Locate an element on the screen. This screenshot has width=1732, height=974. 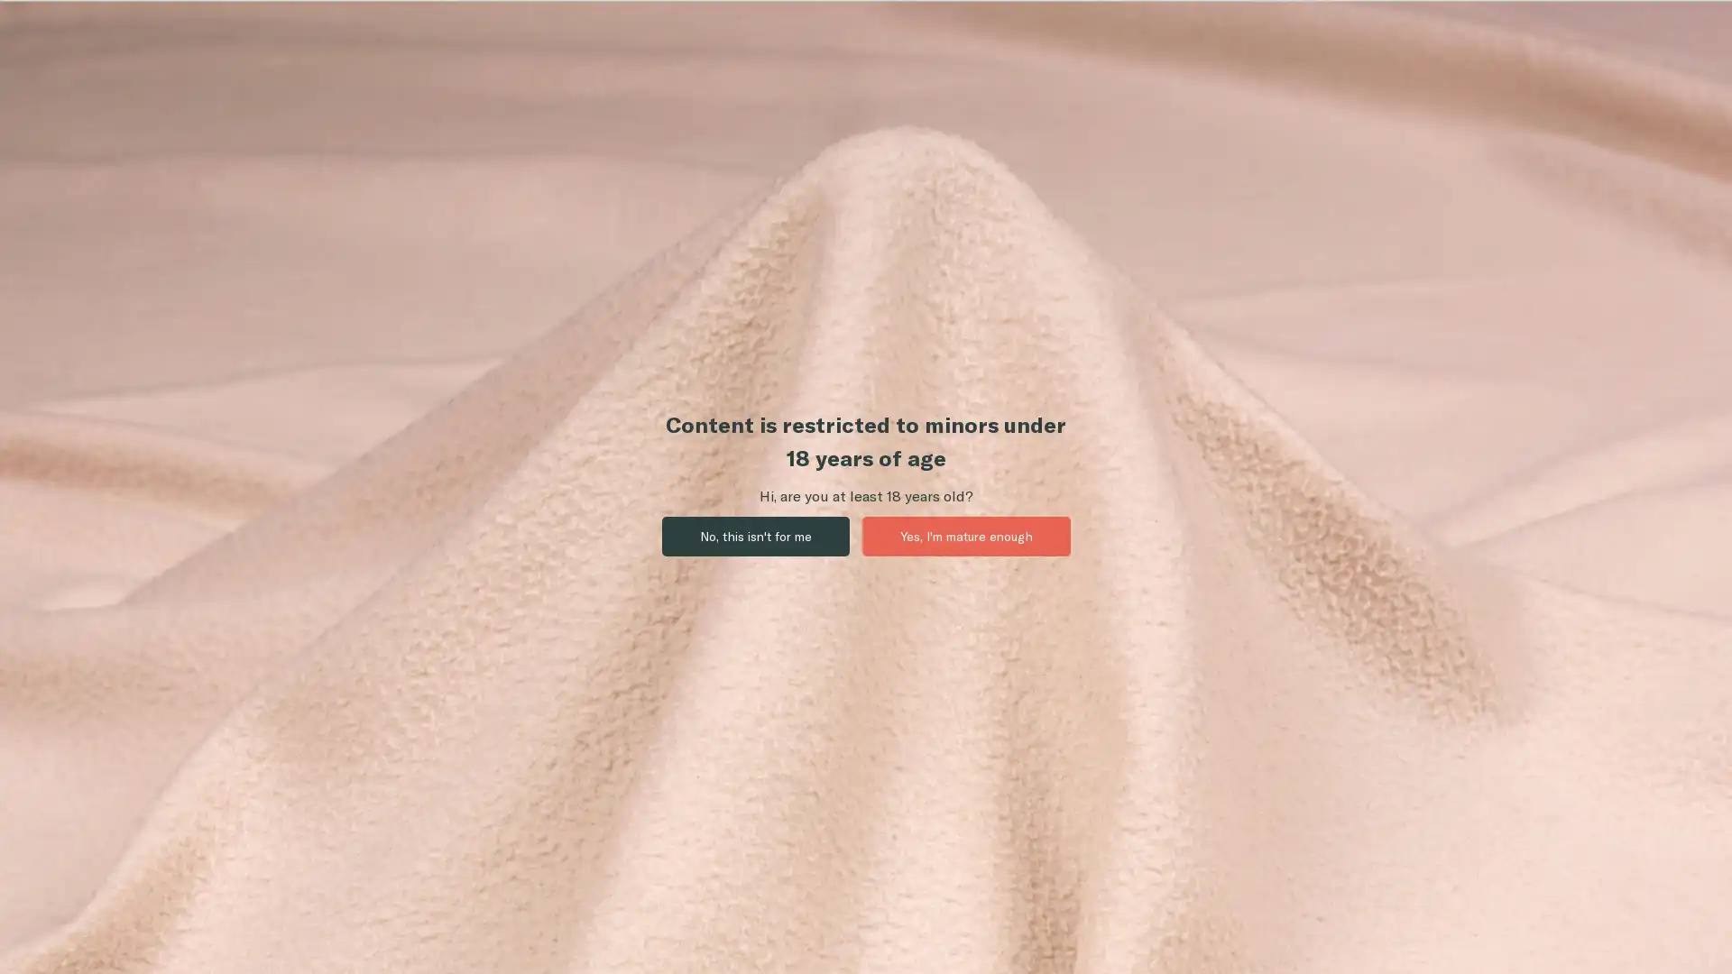
No, this isn't for me is located at coordinates (754, 535).